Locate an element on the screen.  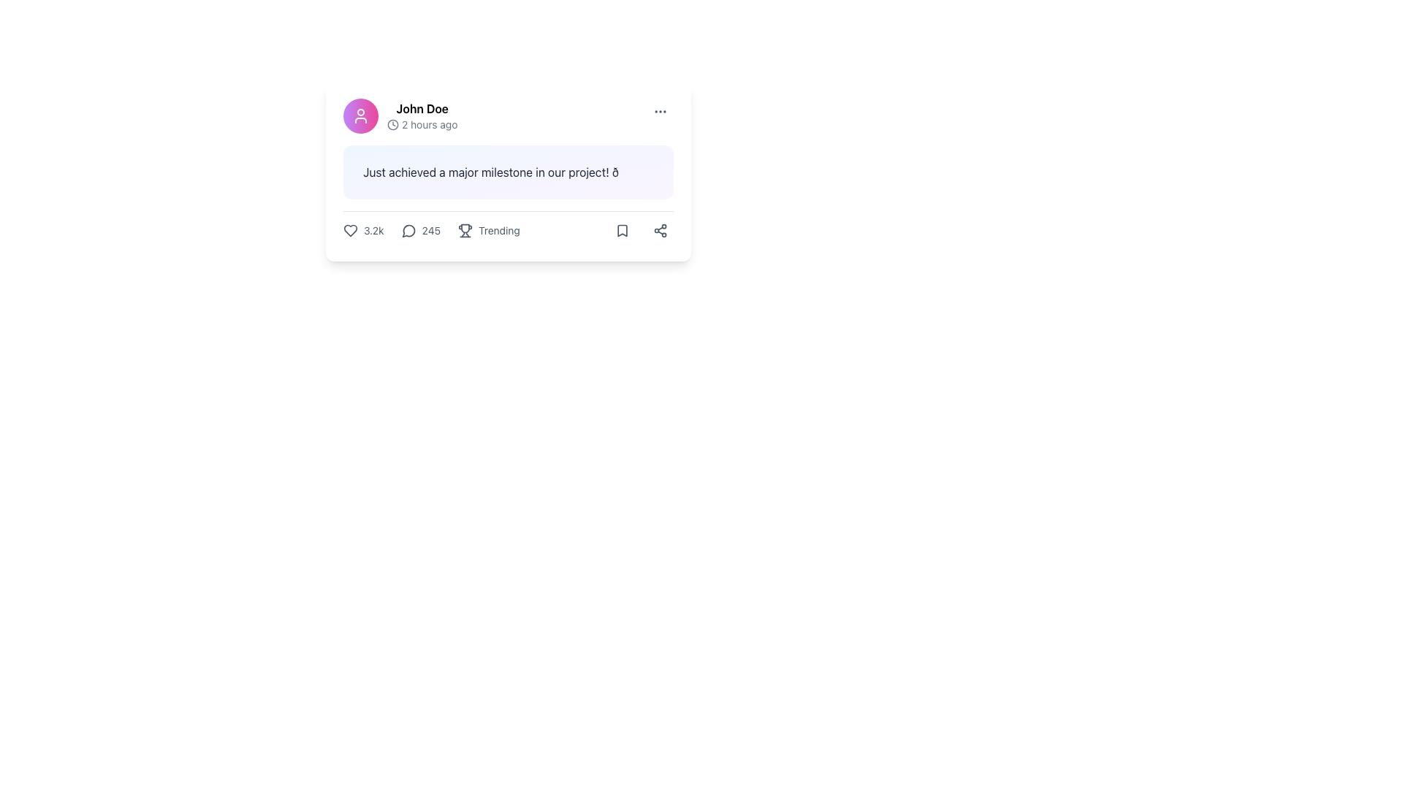
the comment count indicator, which is represented by a speech bubble icon and the number '245' next to it is located at coordinates (420, 230).